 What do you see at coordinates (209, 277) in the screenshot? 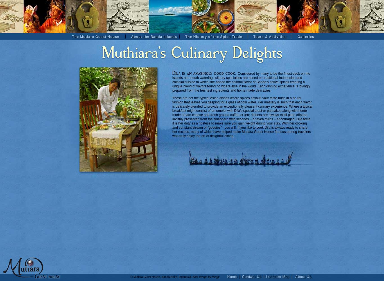
I see `'Web design by Meggi'` at bounding box center [209, 277].